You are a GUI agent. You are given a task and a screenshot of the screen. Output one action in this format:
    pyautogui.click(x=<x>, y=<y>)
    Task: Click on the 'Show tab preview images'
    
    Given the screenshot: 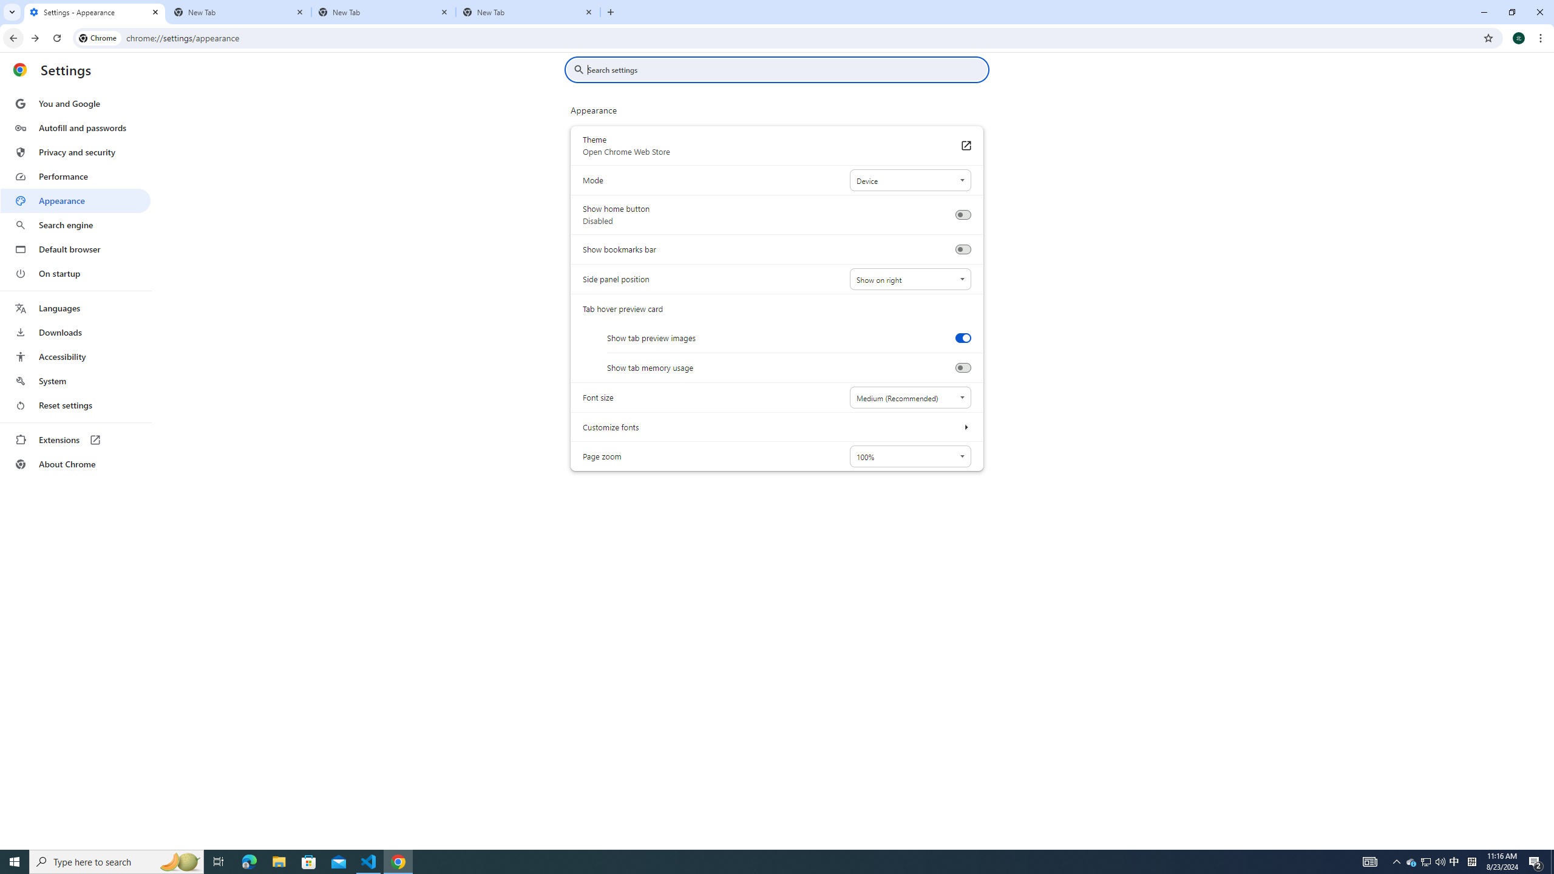 What is the action you would take?
    pyautogui.click(x=962, y=337)
    